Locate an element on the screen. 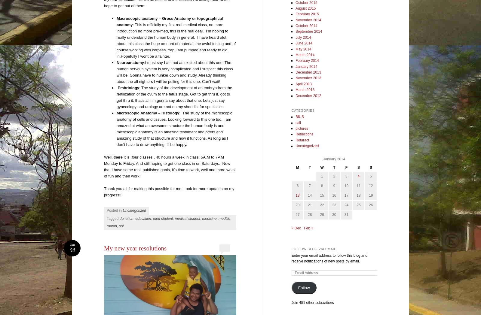 Image resolution: width=481 pixels, height=315 pixels. '27' is located at coordinates (297, 214).